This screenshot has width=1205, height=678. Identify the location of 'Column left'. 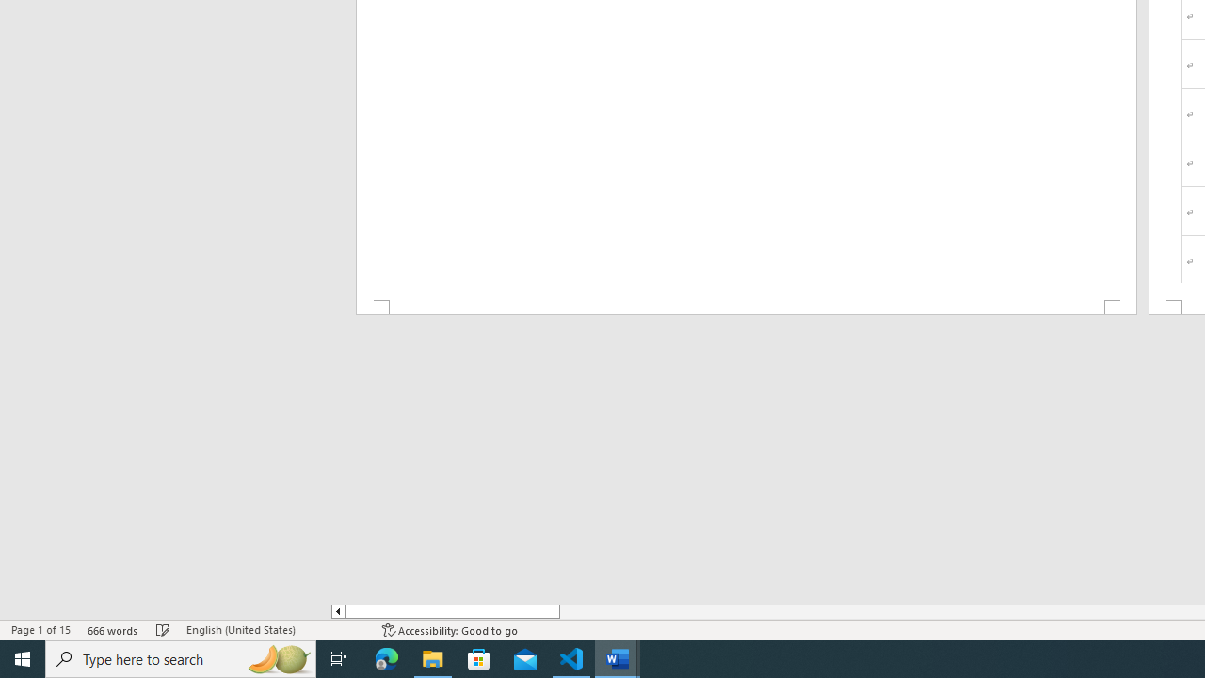
(337, 611).